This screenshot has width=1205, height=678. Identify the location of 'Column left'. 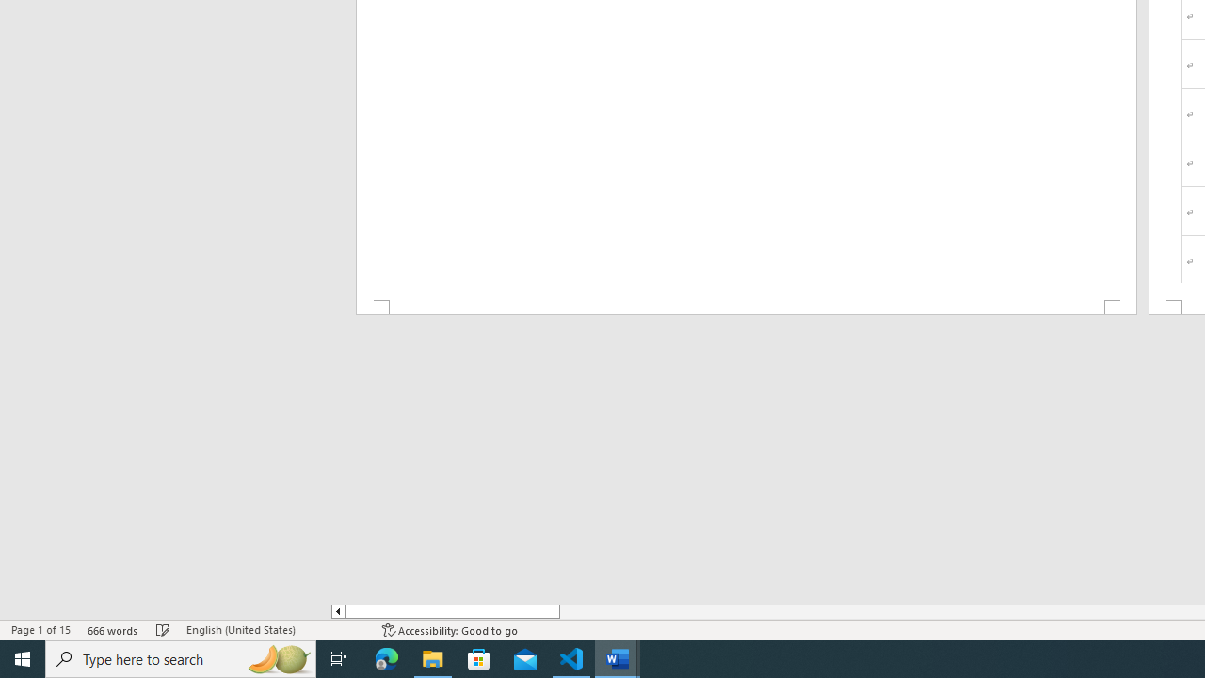
(337, 611).